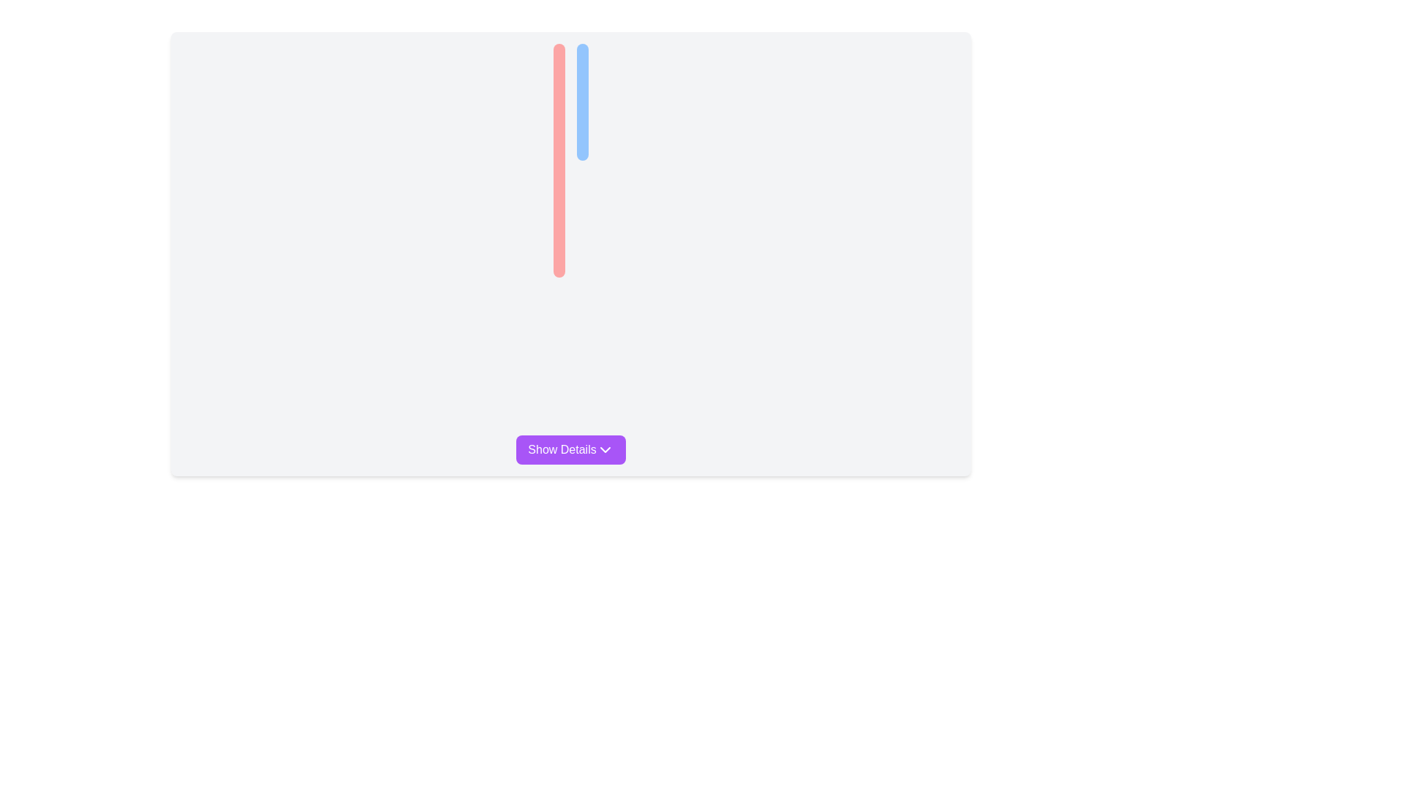 The width and height of the screenshot is (1404, 789). I want to click on the button with a purple background and white text labeled 'Show Details', so click(570, 449).